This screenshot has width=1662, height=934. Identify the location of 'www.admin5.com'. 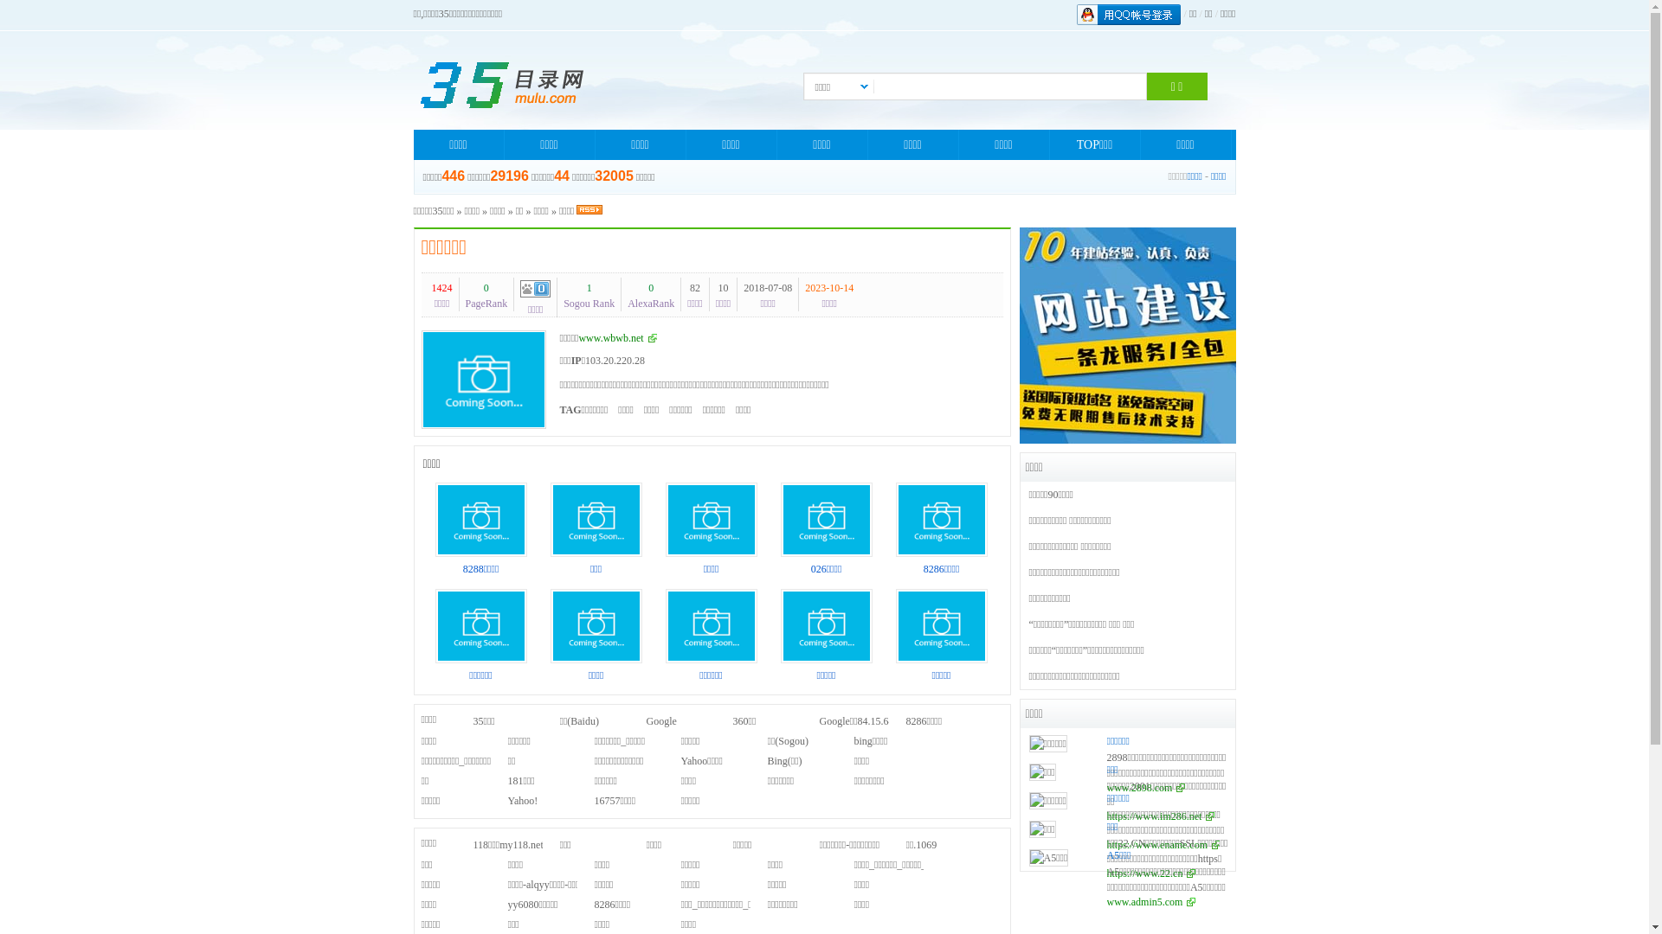
(1150, 900).